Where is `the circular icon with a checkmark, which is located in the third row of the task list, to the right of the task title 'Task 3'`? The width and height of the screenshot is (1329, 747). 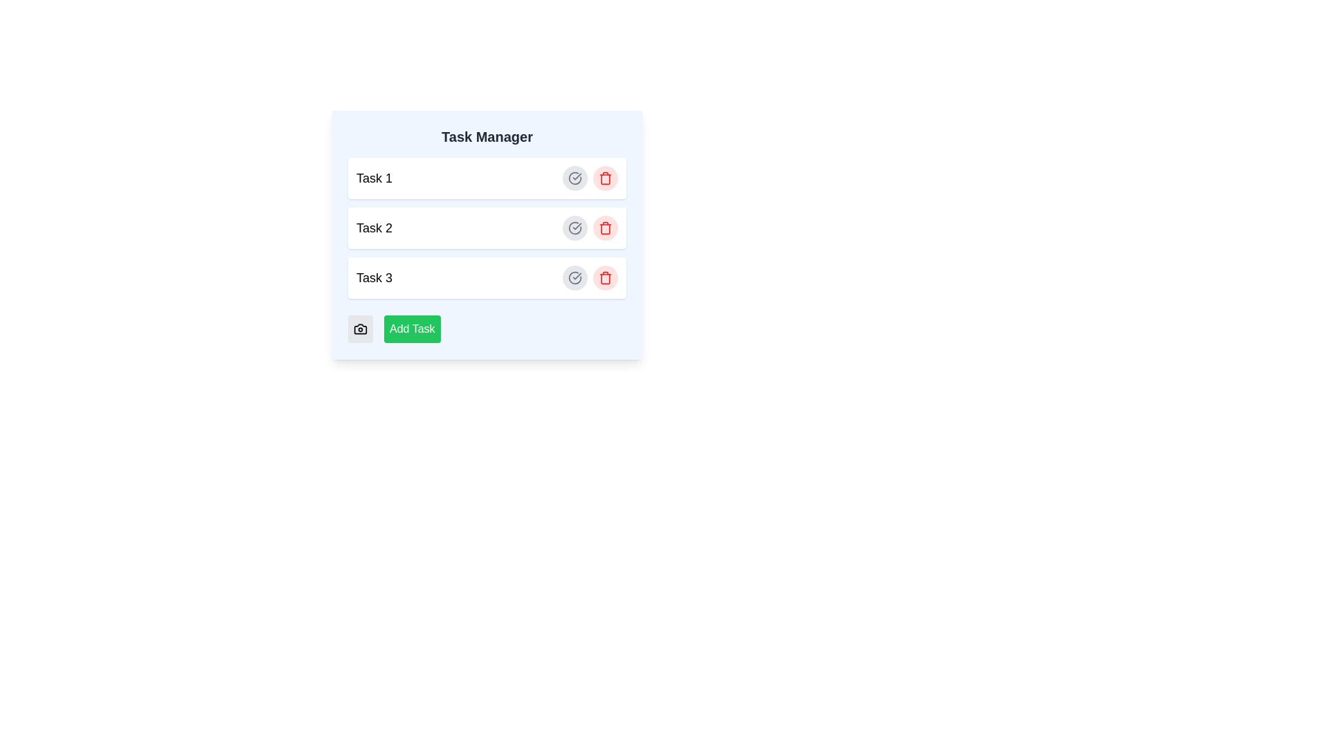
the circular icon with a checkmark, which is located in the third row of the task list, to the right of the task title 'Task 3' is located at coordinates (575, 277).